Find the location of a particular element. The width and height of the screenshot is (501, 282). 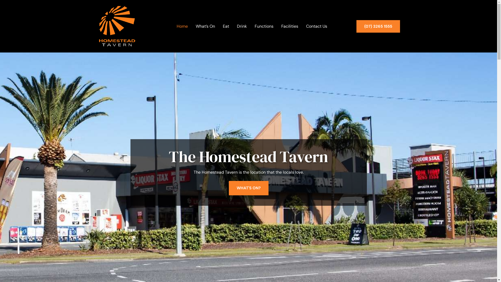

'Drink' is located at coordinates (234, 26).